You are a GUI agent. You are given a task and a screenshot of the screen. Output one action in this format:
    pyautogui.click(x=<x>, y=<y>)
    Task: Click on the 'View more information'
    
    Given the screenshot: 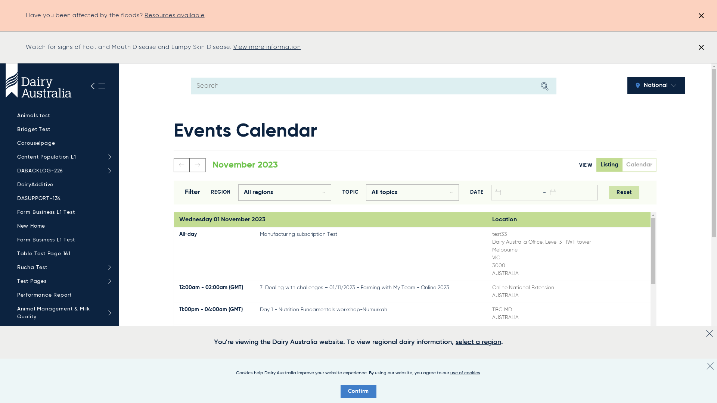 What is the action you would take?
    pyautogui.click(x=267, y=47)
    